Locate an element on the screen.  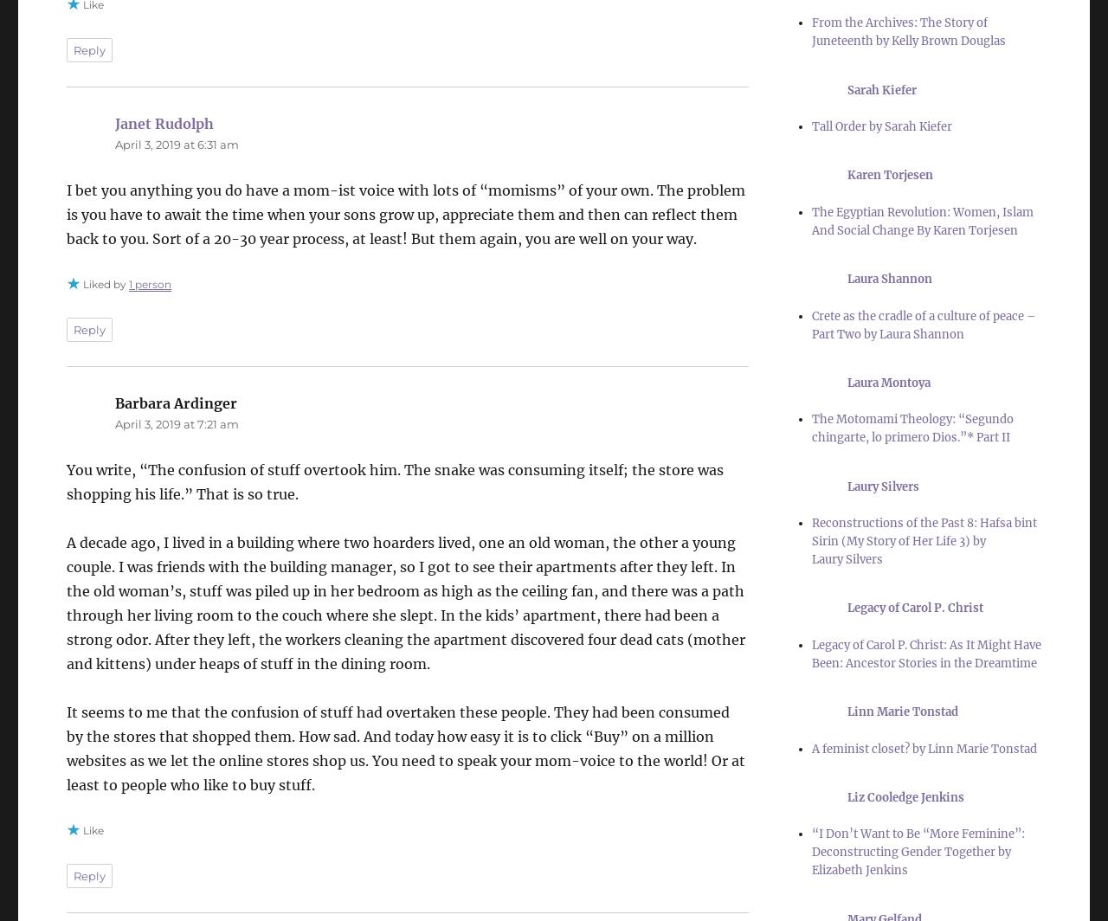
'Like' is located at coordinates (93, 829).